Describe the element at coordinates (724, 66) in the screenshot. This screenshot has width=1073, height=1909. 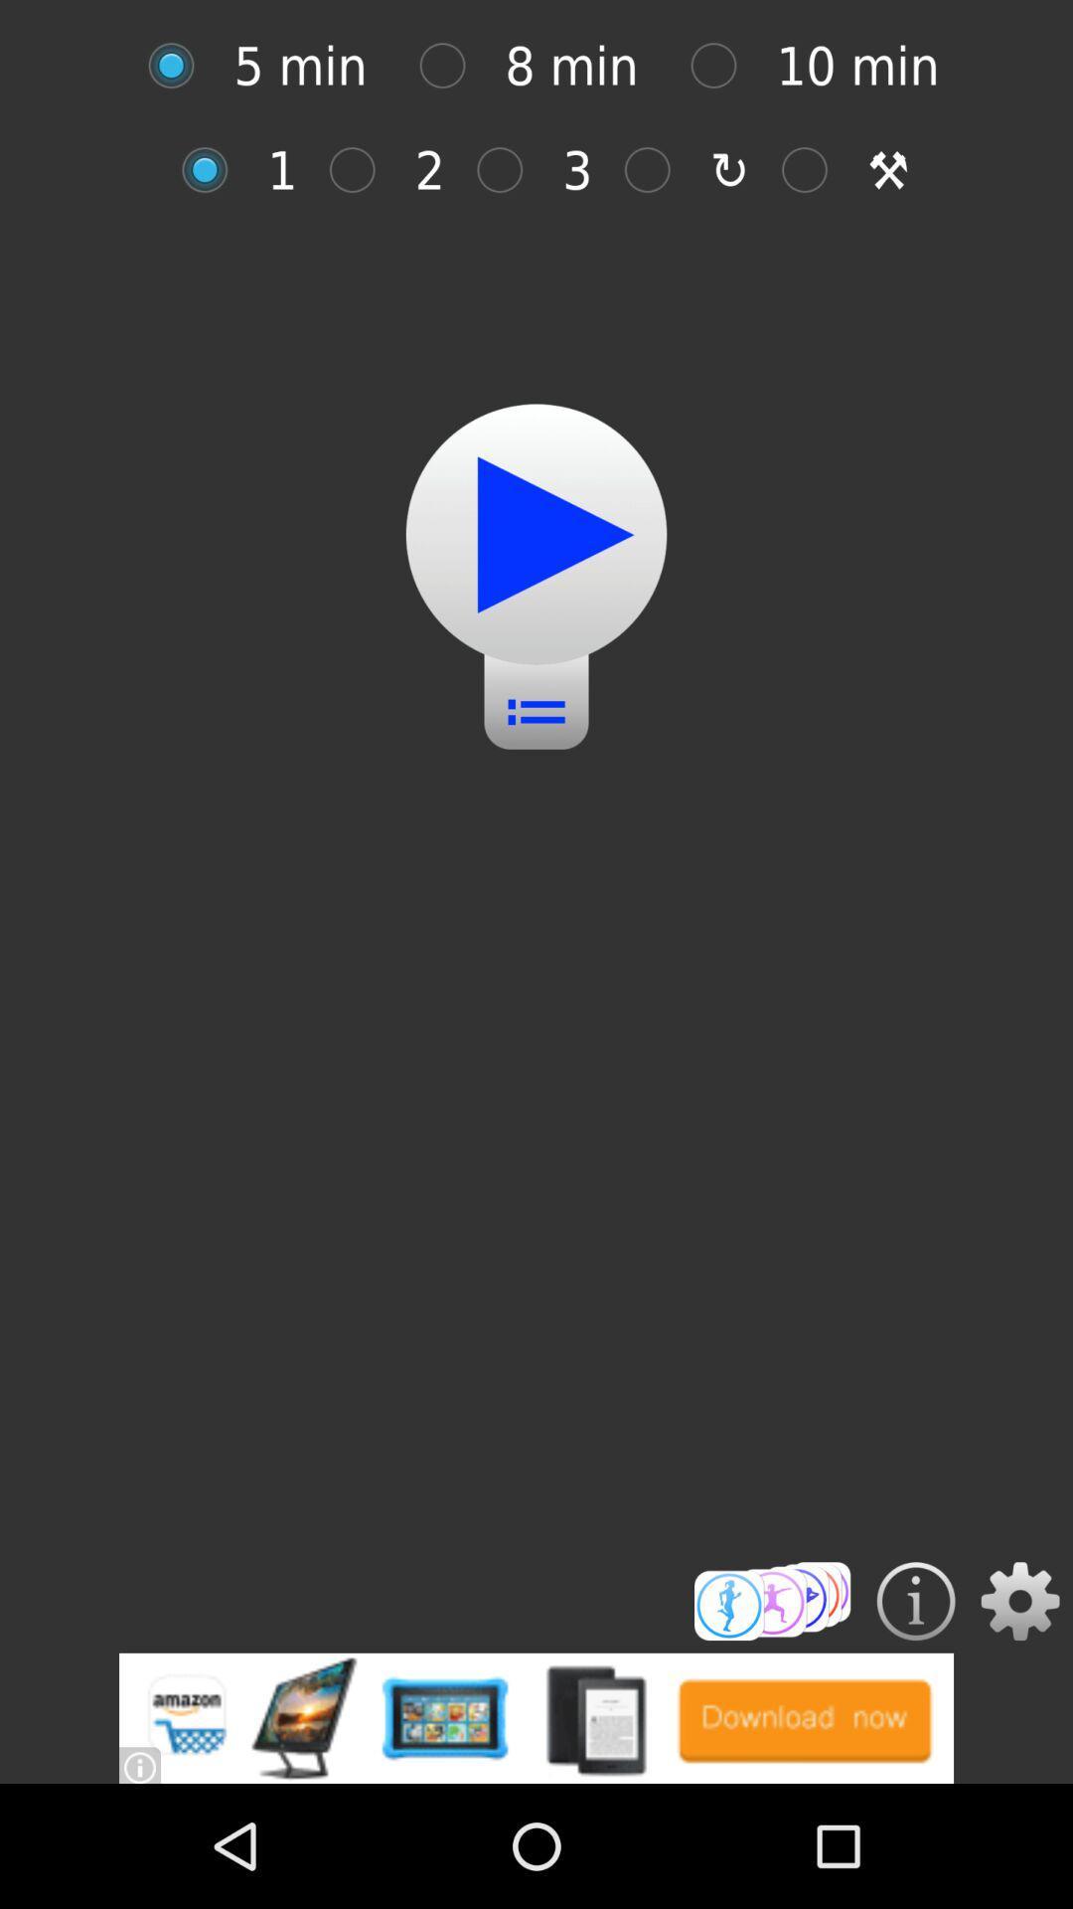
I see `10 min` at that location.